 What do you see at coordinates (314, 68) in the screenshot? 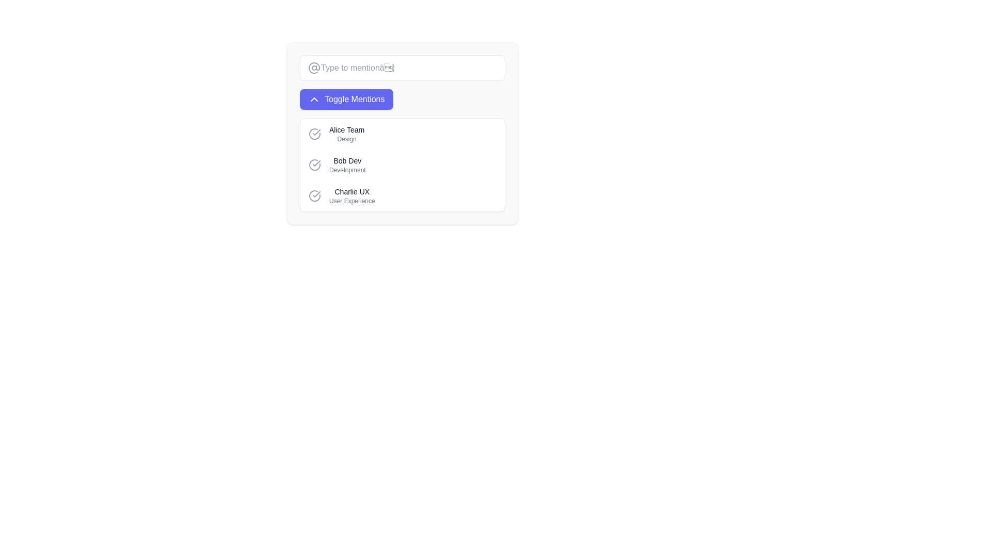
I see `the @-shaped icon positioned on the left side inside the text input field, which indicates that the input field supports mentioning users or entities by typing their identifiers preceded by the @ symbol` at bounding box center [314, 68].